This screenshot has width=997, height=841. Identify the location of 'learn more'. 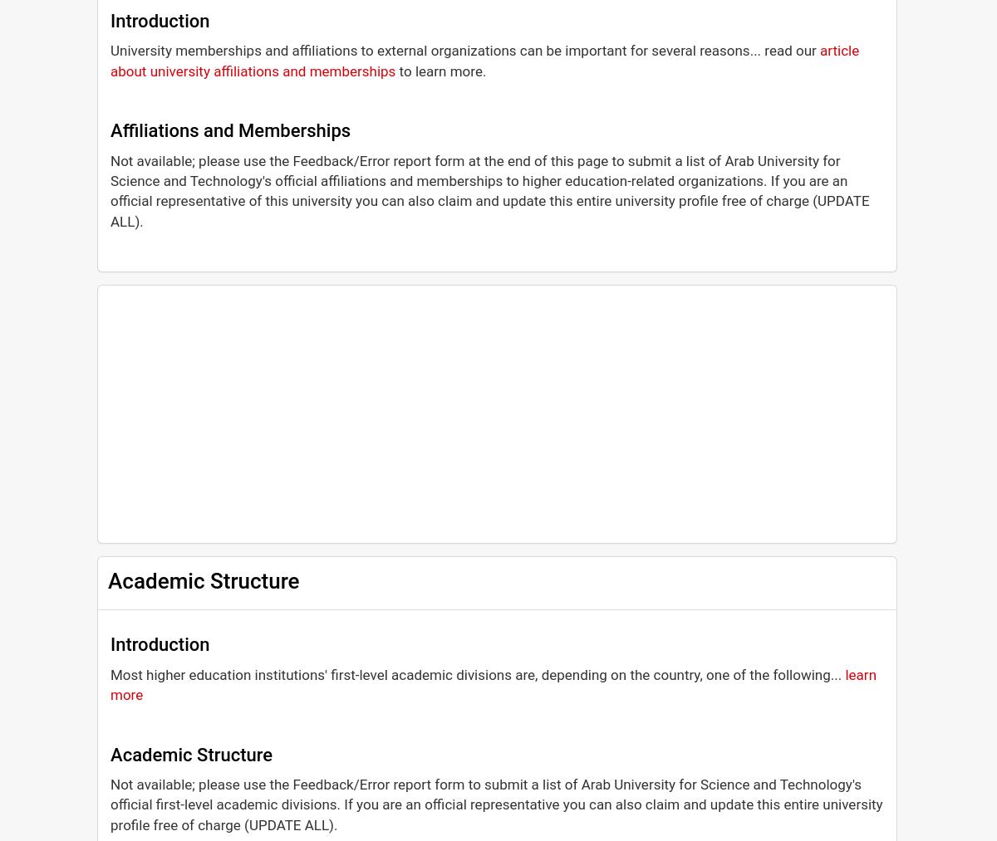
(493, 683).